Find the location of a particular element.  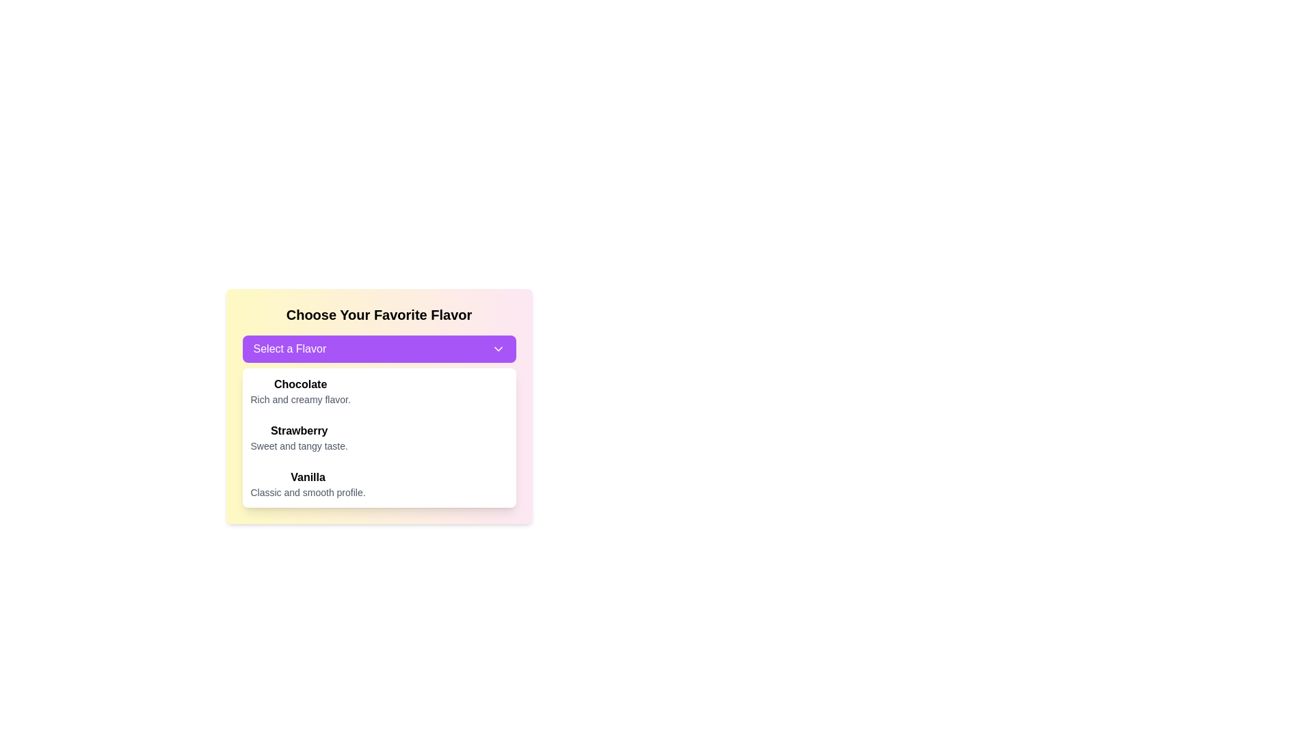

contents of the bold static text label reading 'Chocolate' located at the top of the flavor options list is located at coordinates (300, 385).